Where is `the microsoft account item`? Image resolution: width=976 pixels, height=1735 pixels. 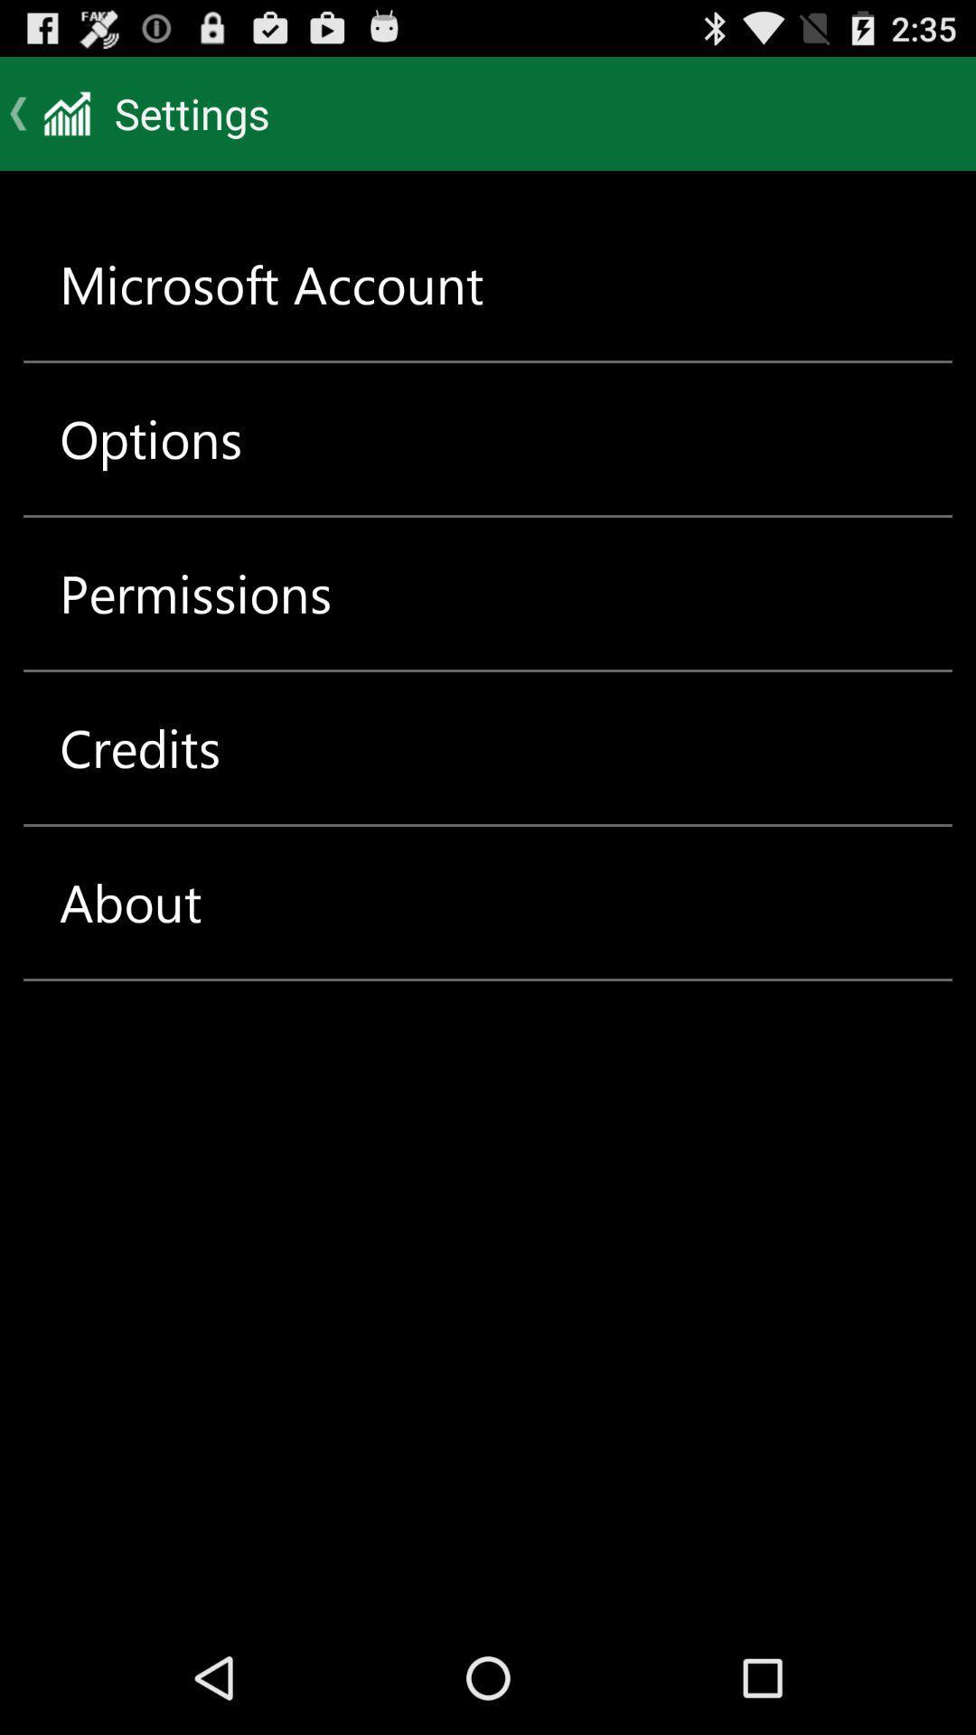
the microsoft account item is located at coordinates (271, 284).